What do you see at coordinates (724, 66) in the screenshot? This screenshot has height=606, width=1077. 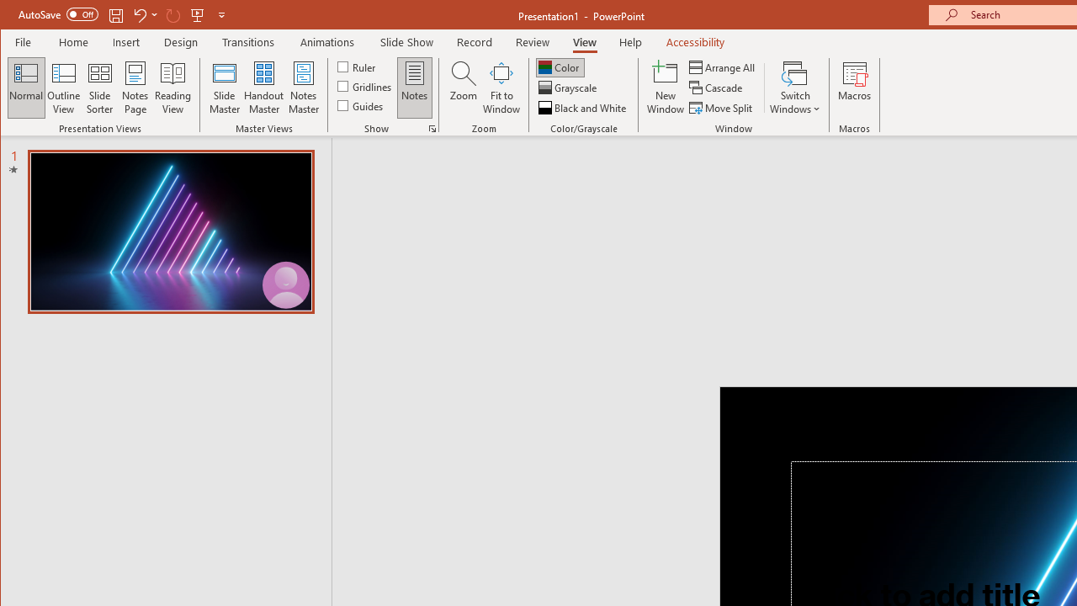 I see `'Arrange All'` at bounding box center [724, 66].